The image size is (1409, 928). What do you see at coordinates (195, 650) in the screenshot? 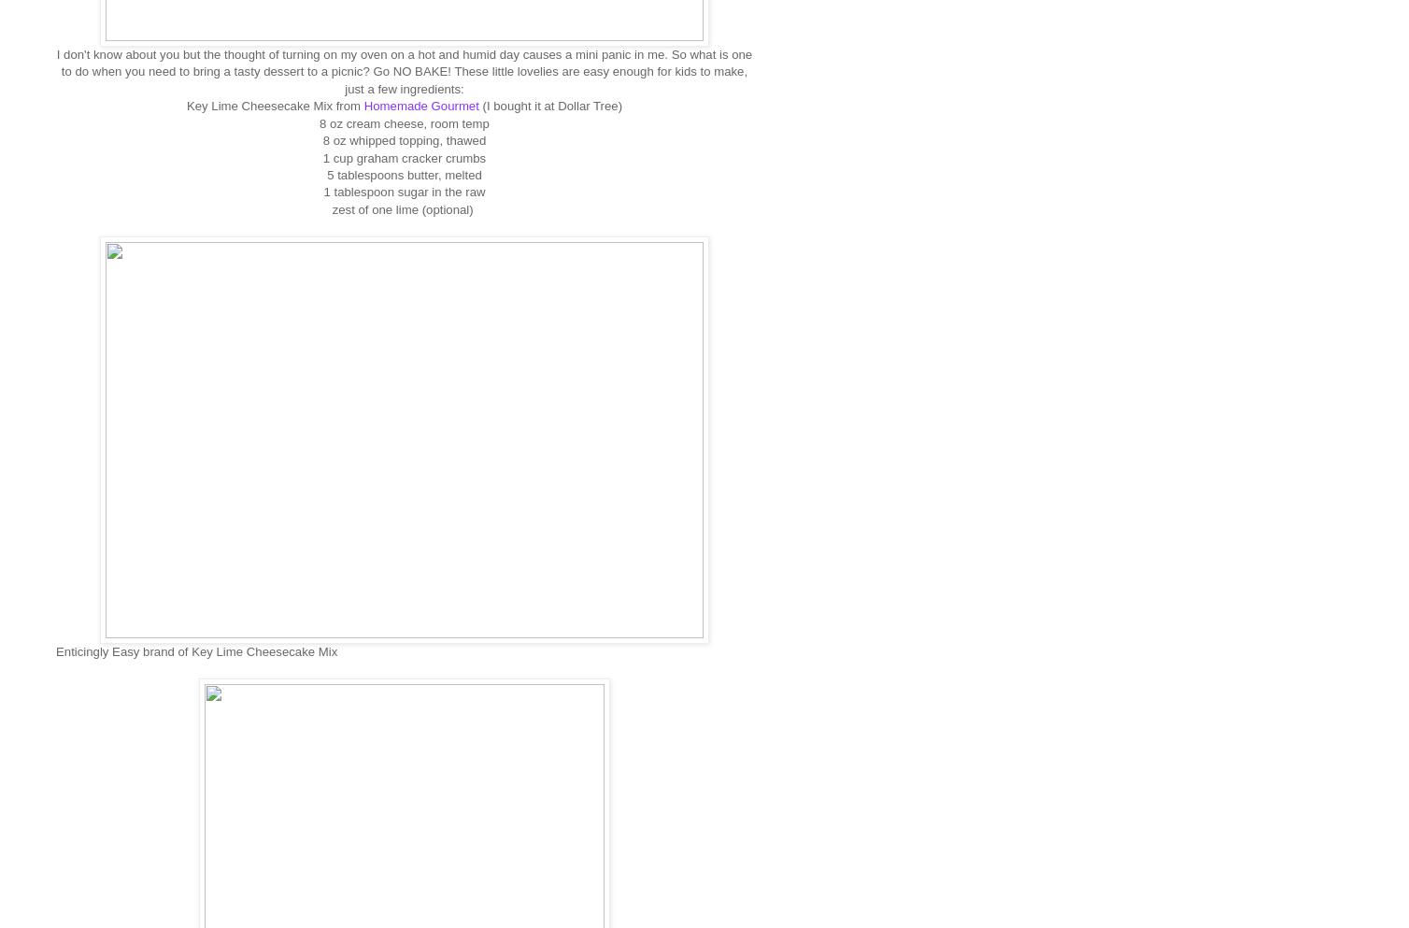
I see `'Enticingly Easy brand of Key Lime Cheesecake Mix'` at bounding box center [195, 650].